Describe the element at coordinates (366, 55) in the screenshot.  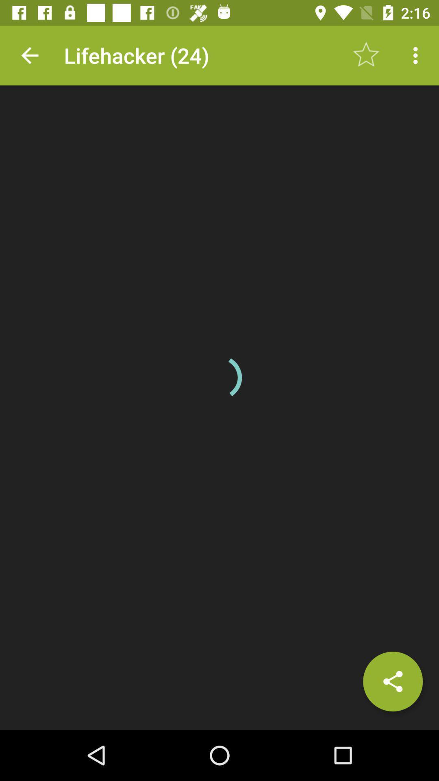
I see `icon to the right of the lifehacker (24) item` at that location.